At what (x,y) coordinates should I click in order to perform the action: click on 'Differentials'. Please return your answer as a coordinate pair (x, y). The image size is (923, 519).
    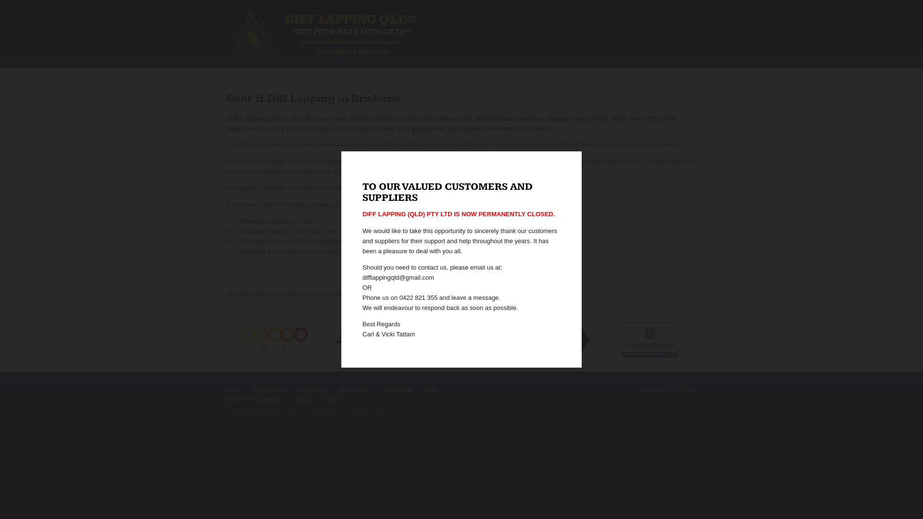
    Looking at the image, I should click on (312, 390).